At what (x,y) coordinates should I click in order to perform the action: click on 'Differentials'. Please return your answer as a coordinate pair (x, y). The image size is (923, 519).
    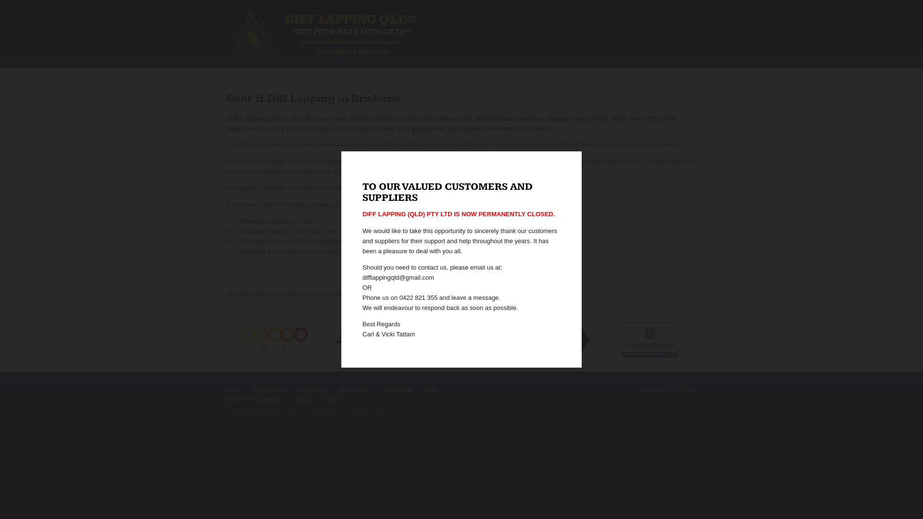
    Looking at the image, I should click on (312, 390).